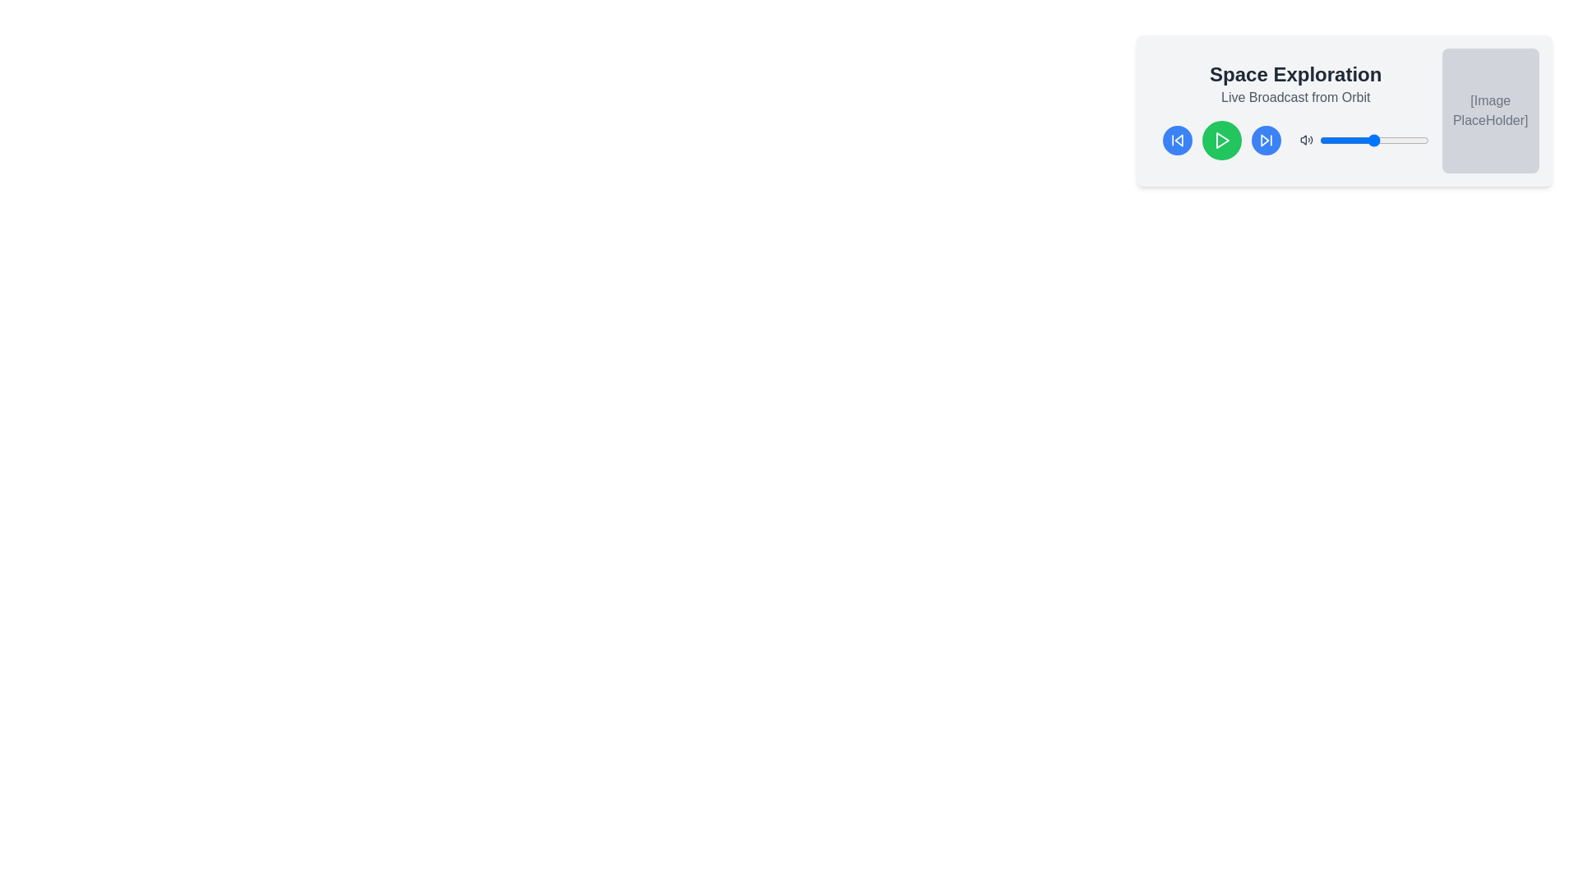 The image size is (1578, 888). I want to click on the text element that reads 'Live Broadcast from Orbit', which is styled in gray and positioned directly below the 'Space Exploration' title, so click(1294, 98).